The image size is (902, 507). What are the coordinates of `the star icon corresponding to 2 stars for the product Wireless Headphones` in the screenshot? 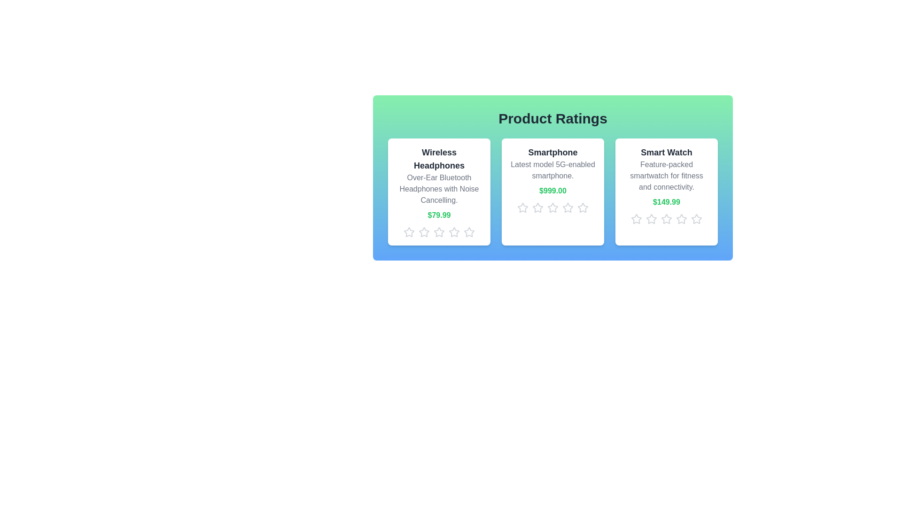 It's located at (423, 232).